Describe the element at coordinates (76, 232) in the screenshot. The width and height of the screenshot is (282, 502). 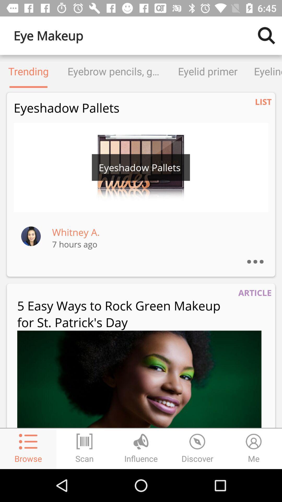
I see `item next to the ... icon` at that location.